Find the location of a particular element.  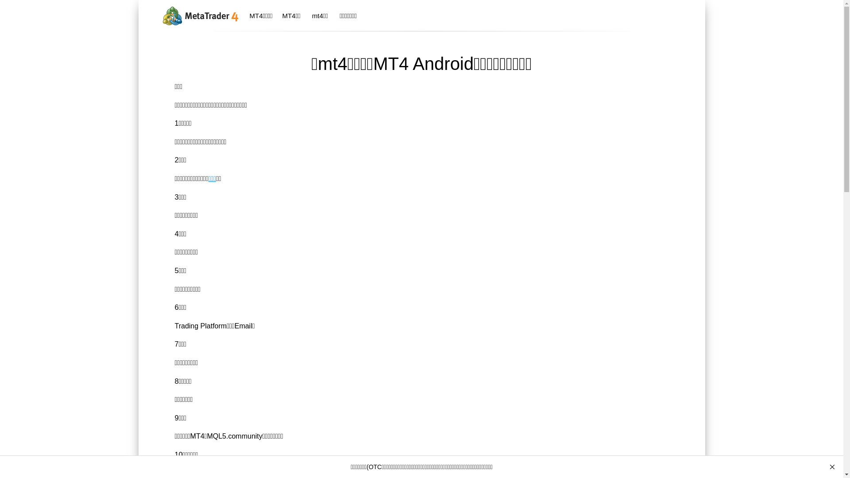

'MetaTrader 4' is located at coordinates (198, 15).